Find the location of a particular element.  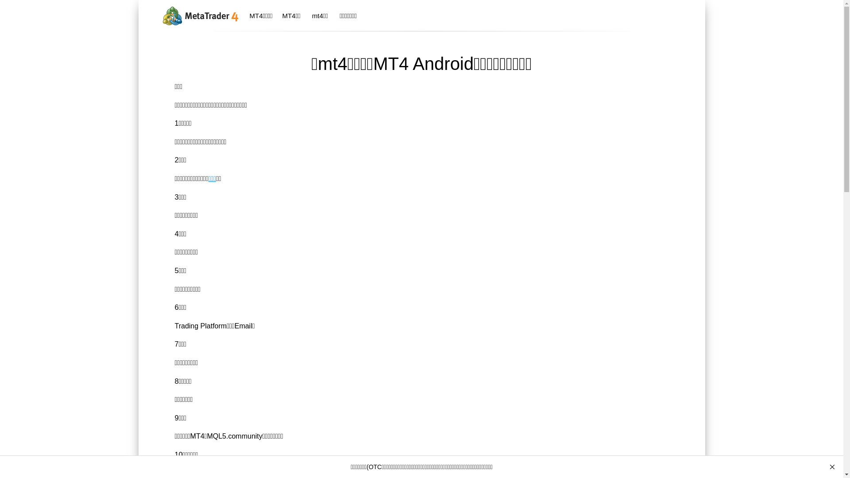

'MetaTrader 4' is located at coordinates (198, 15).